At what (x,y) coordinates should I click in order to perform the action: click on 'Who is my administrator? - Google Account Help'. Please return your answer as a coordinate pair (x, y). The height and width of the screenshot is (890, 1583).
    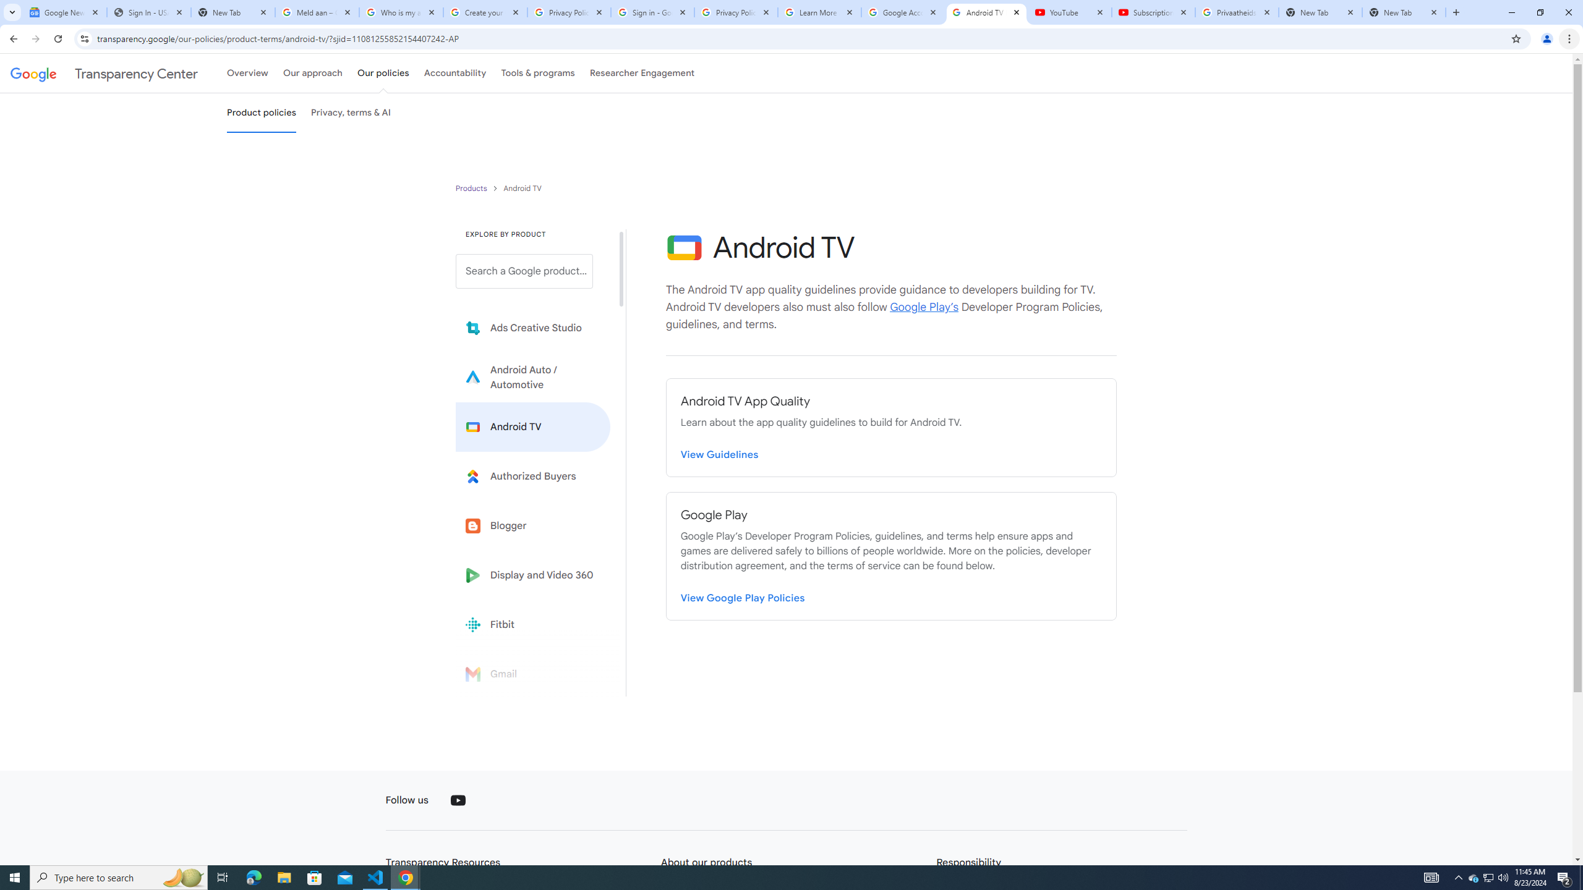
    Looking at the image, I should click on (401, 12).